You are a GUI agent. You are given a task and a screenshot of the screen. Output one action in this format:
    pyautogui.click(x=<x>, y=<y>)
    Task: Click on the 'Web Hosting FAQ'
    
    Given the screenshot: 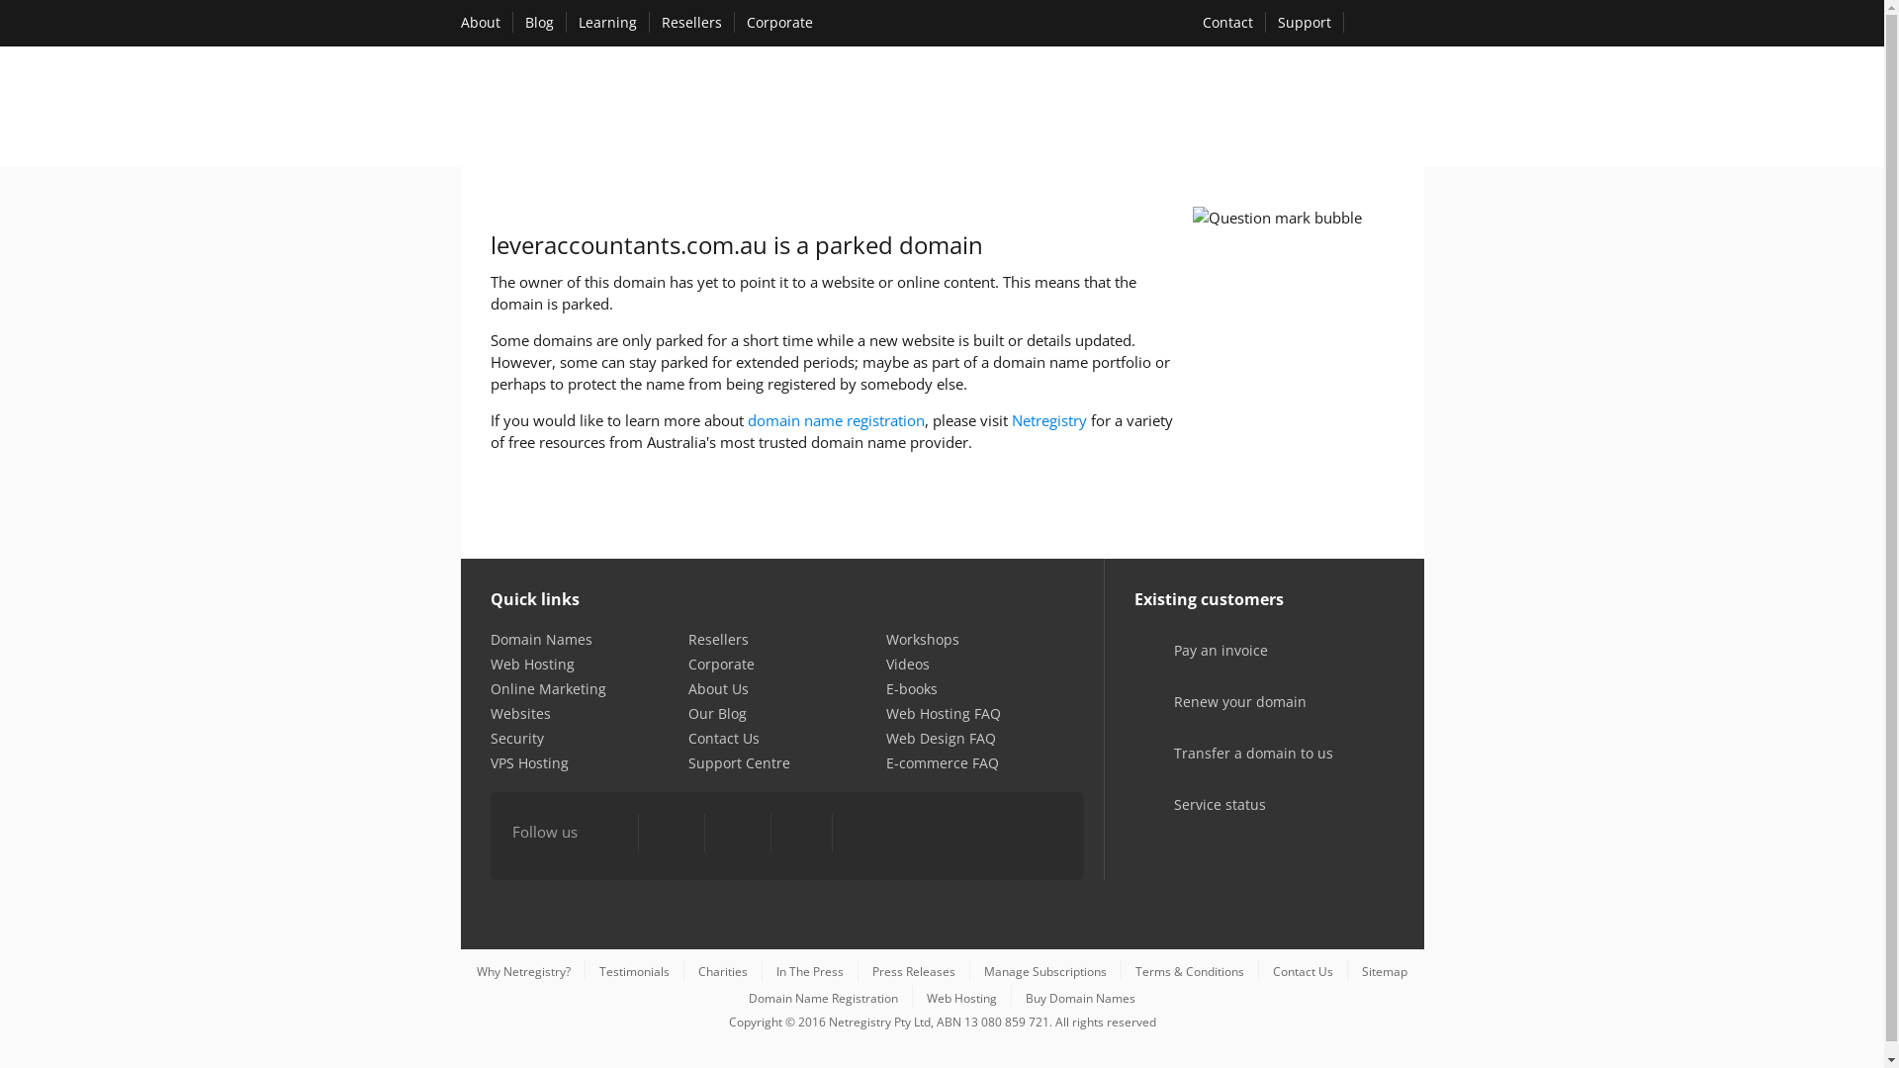 What is the action you would take?
    pyautogui.click(x=943, y=713)
    